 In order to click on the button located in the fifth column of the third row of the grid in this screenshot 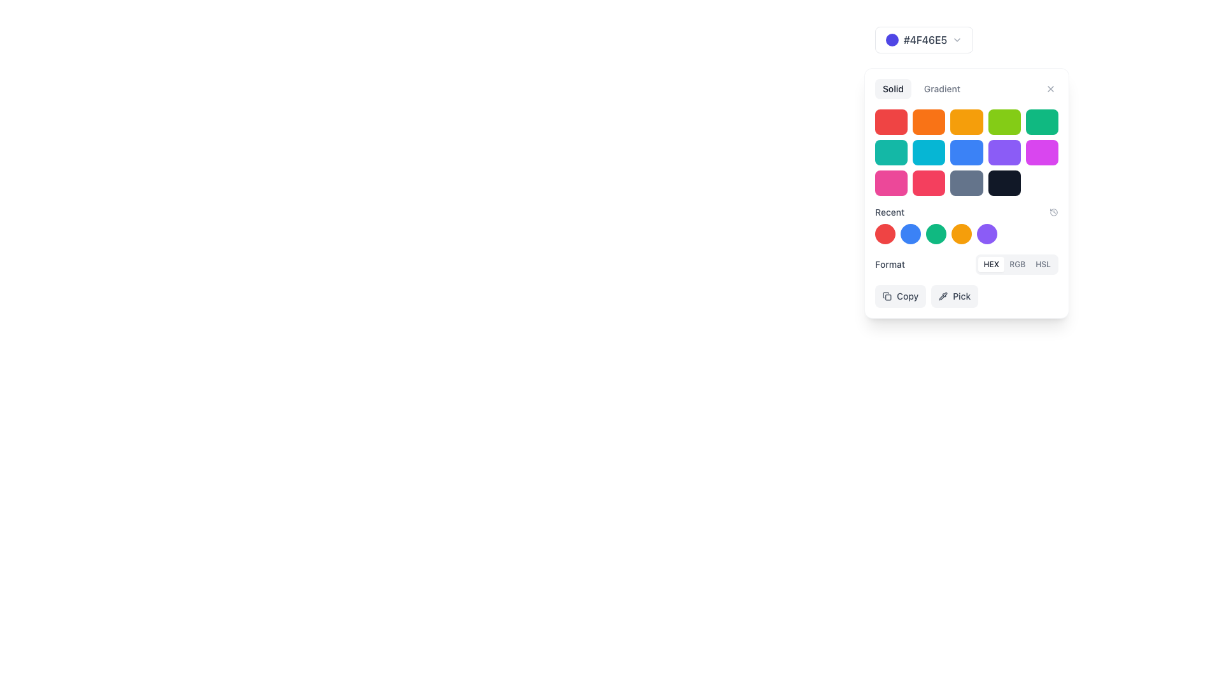, I will do `click(1004, 183)`.